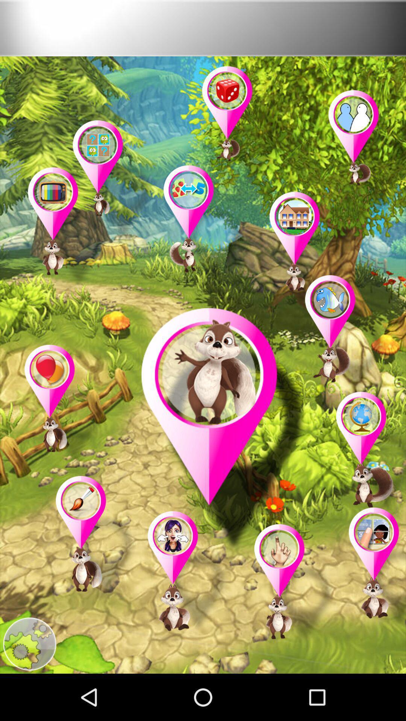 The width and height of the screenshot is (406, 721). Describe the element at coordinates (96, 537) in the screenshot. I see `other players` at that location.